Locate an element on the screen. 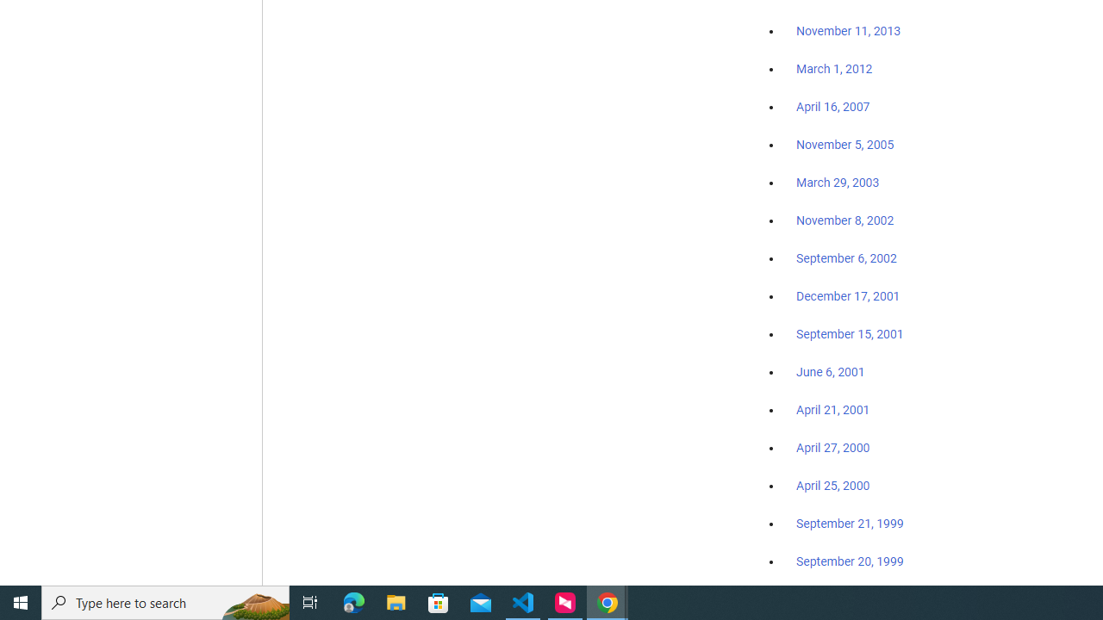 This screenshot has height=620, width=1103. 'November 5, 2005' is located at coordinates (845, 144).